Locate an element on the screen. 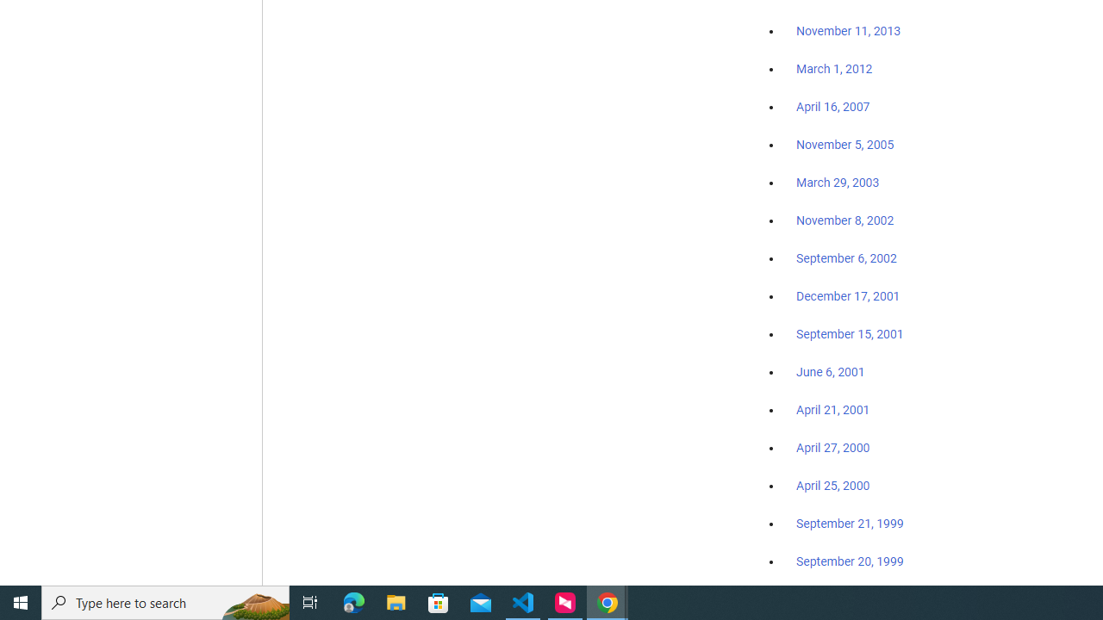 This screenshot has height=620, width=1103. 'November 5, 2005' is located at coordinates (845, 144).